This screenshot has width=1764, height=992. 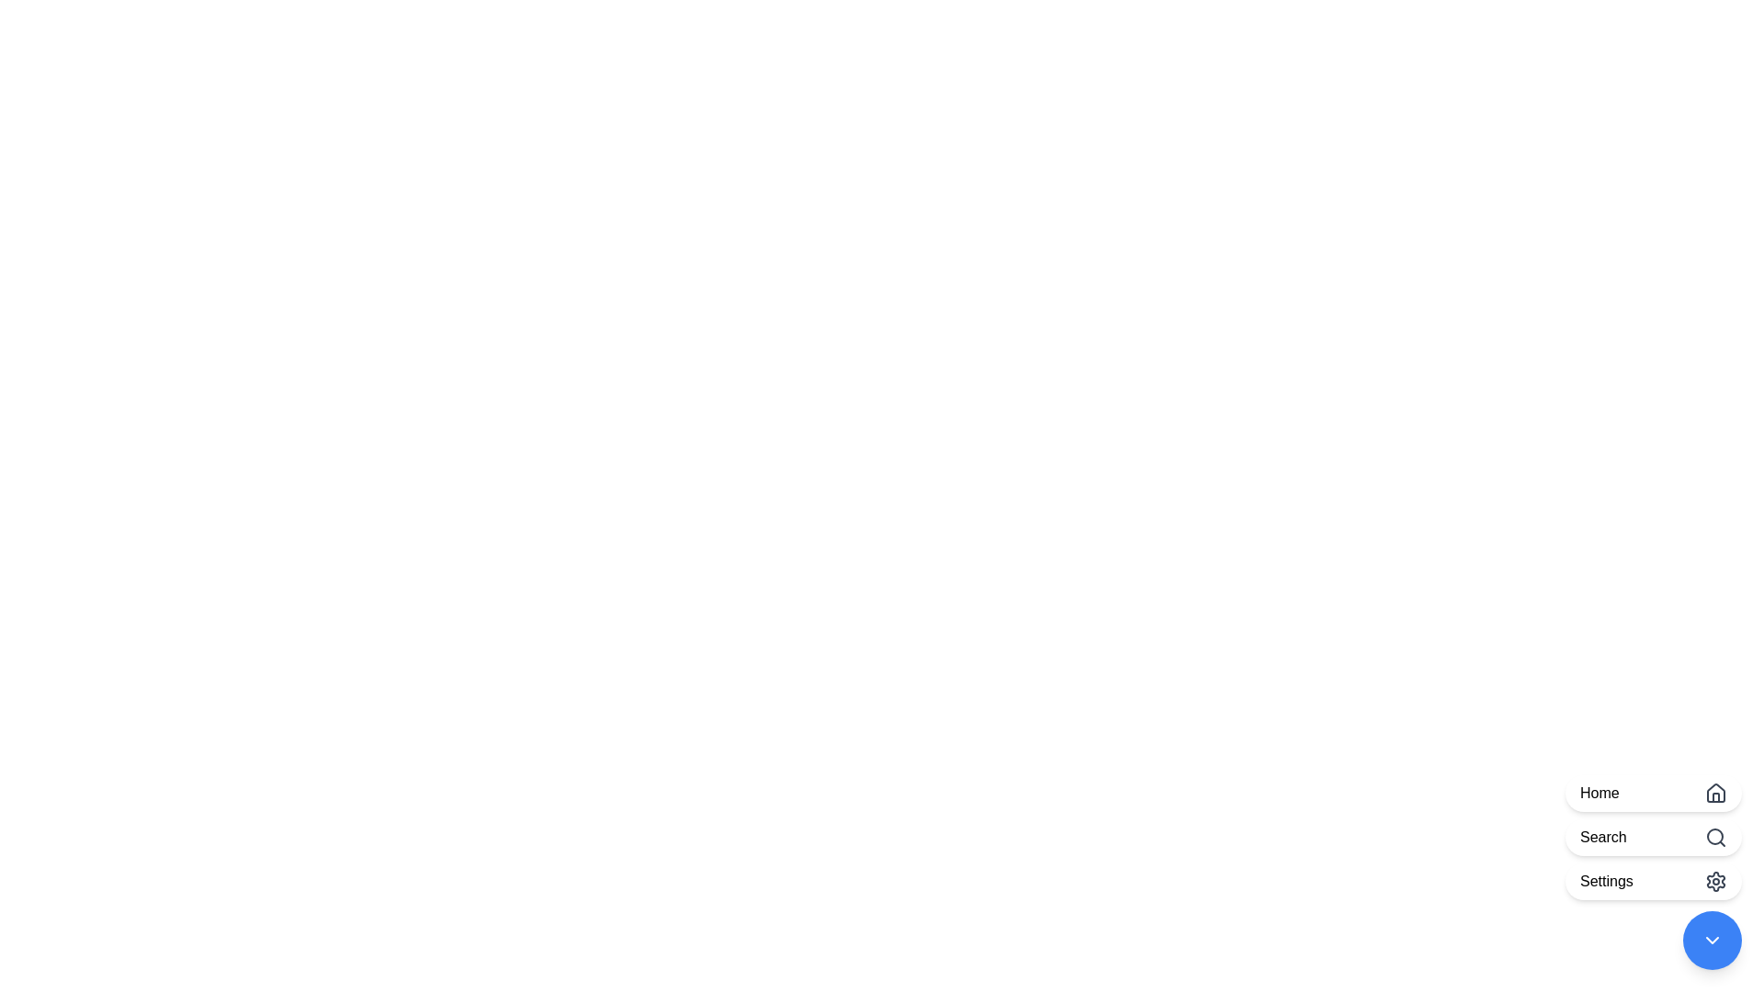 I want to click on the text label that says 'Home', which is styled in a sans-serif font and is positioned to the left of a house icon within a rounded, white background in the bottom-right corner of the interface, so click(x=1599, y=793).